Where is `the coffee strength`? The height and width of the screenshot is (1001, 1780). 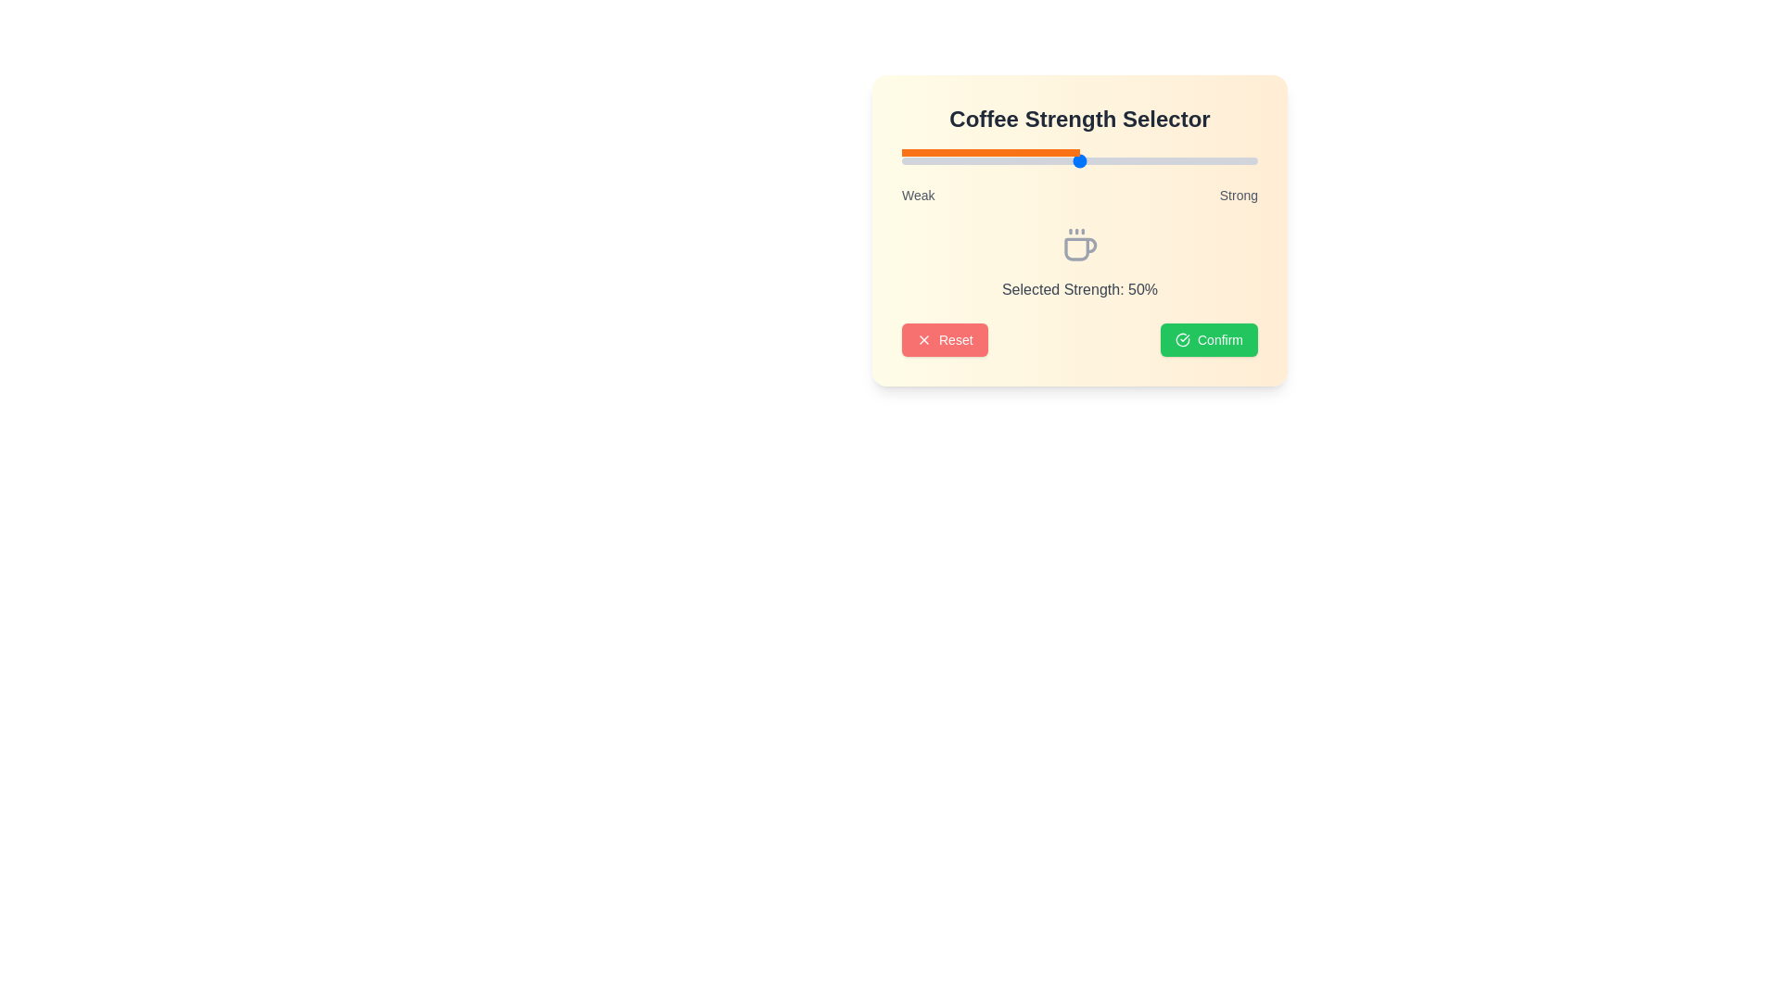
the coffee strength is located at coordinates (1222, 159).